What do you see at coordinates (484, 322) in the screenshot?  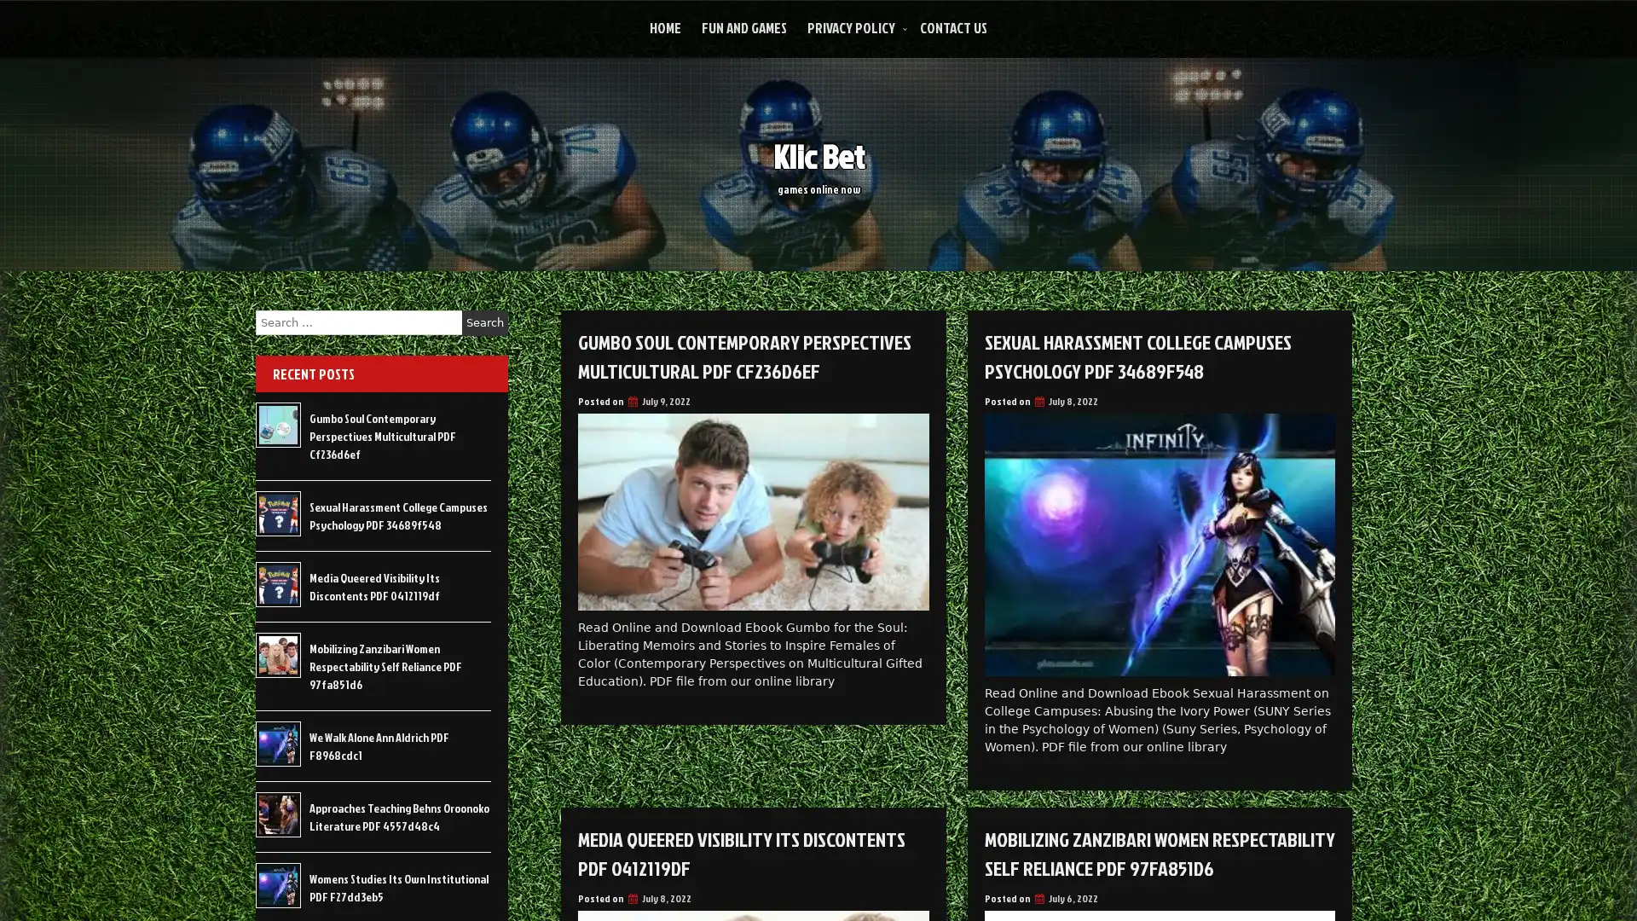 I see `Search` at bounding box center [484, 322].